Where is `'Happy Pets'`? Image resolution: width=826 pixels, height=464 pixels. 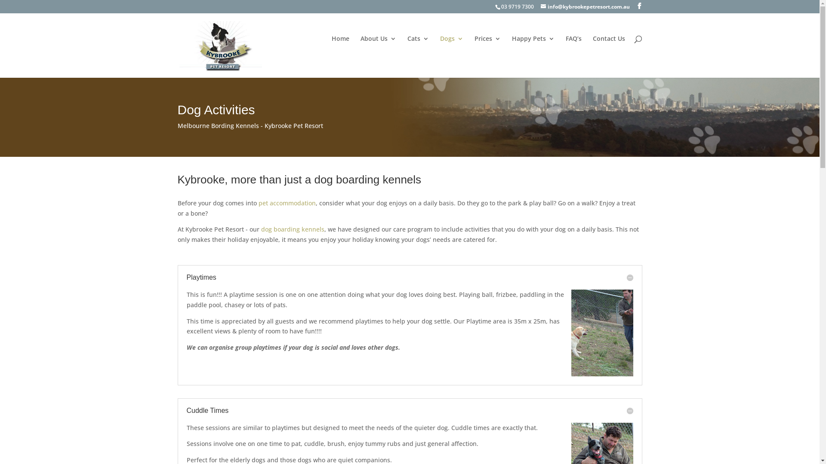 'Happy Pets' is located at coordinates (533, 49).